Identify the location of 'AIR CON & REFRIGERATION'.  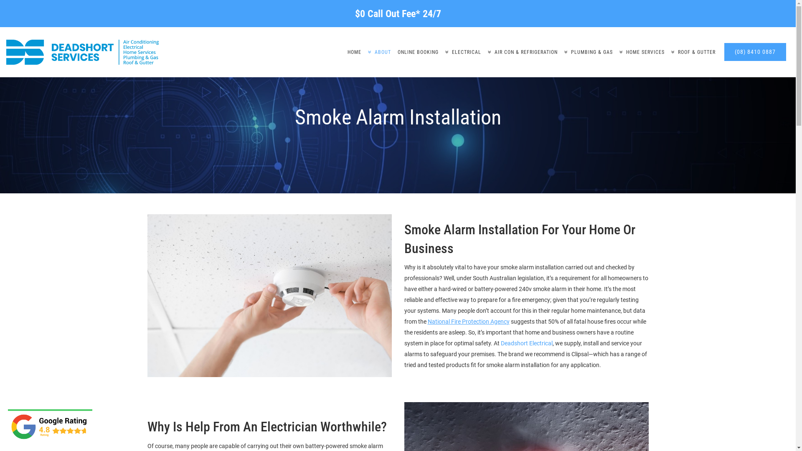
(522, 52).